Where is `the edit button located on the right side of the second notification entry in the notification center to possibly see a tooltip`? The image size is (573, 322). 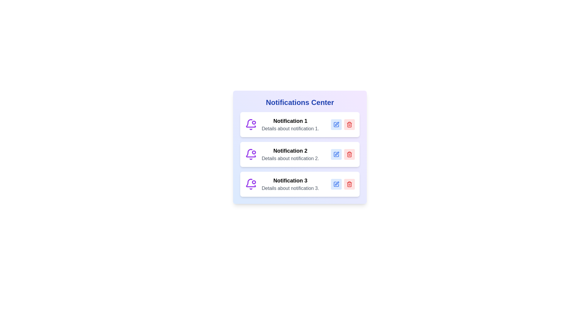
the edit button located on the right side of the second notification entry in the notification center to possibly see a tooltip is located at coordinates (336, 154).